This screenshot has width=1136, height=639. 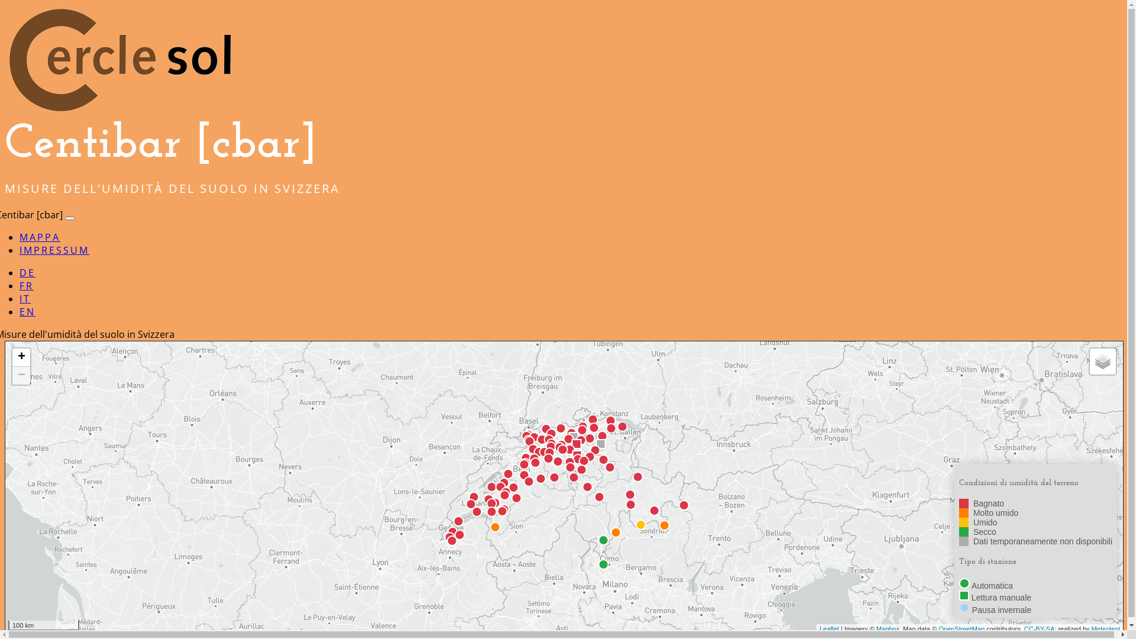 I want to click on 'EN', so click(x=27, y=311).